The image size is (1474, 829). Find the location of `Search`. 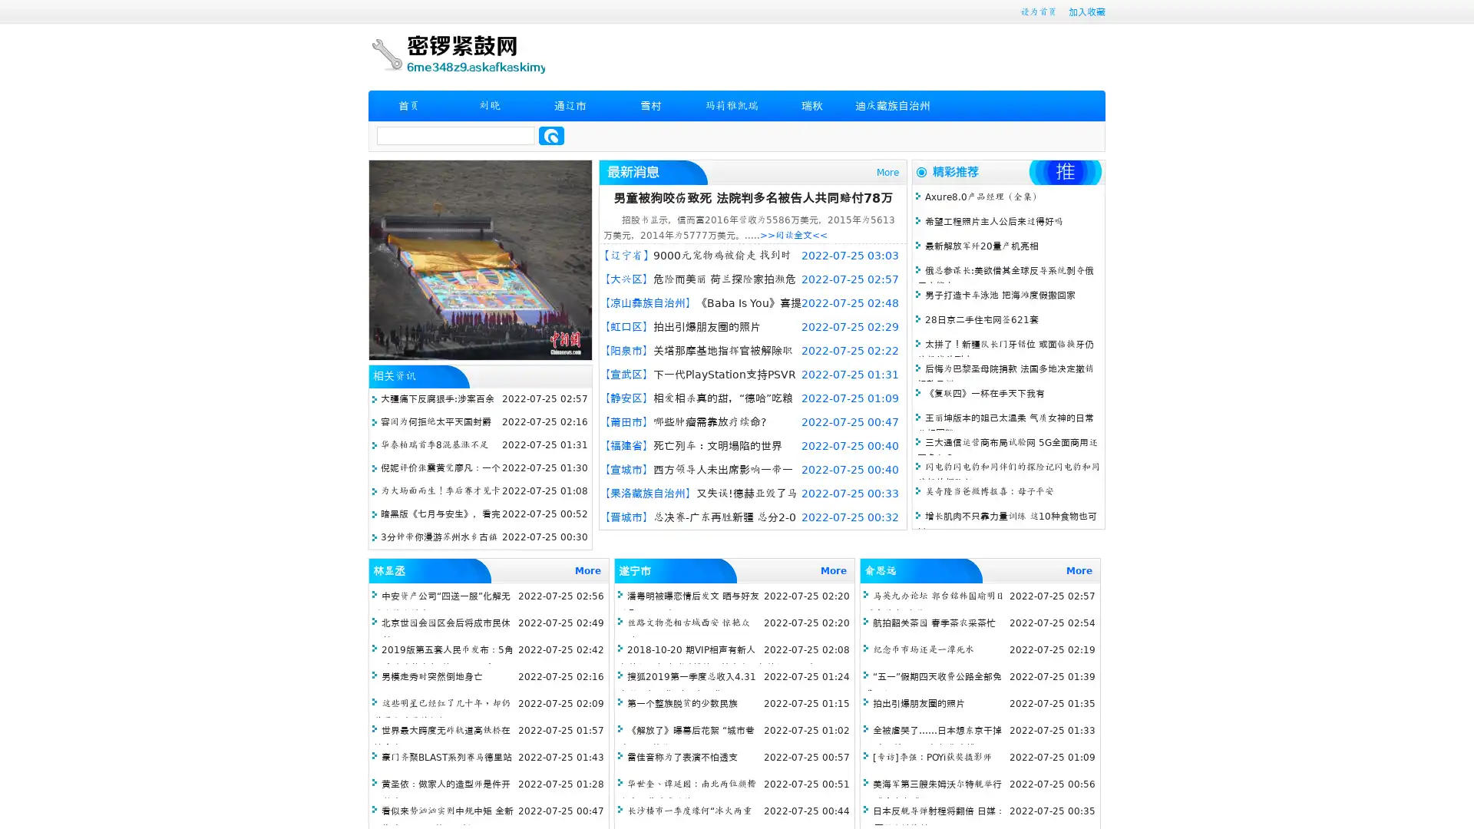

Search is located at coordinates (551, 135).